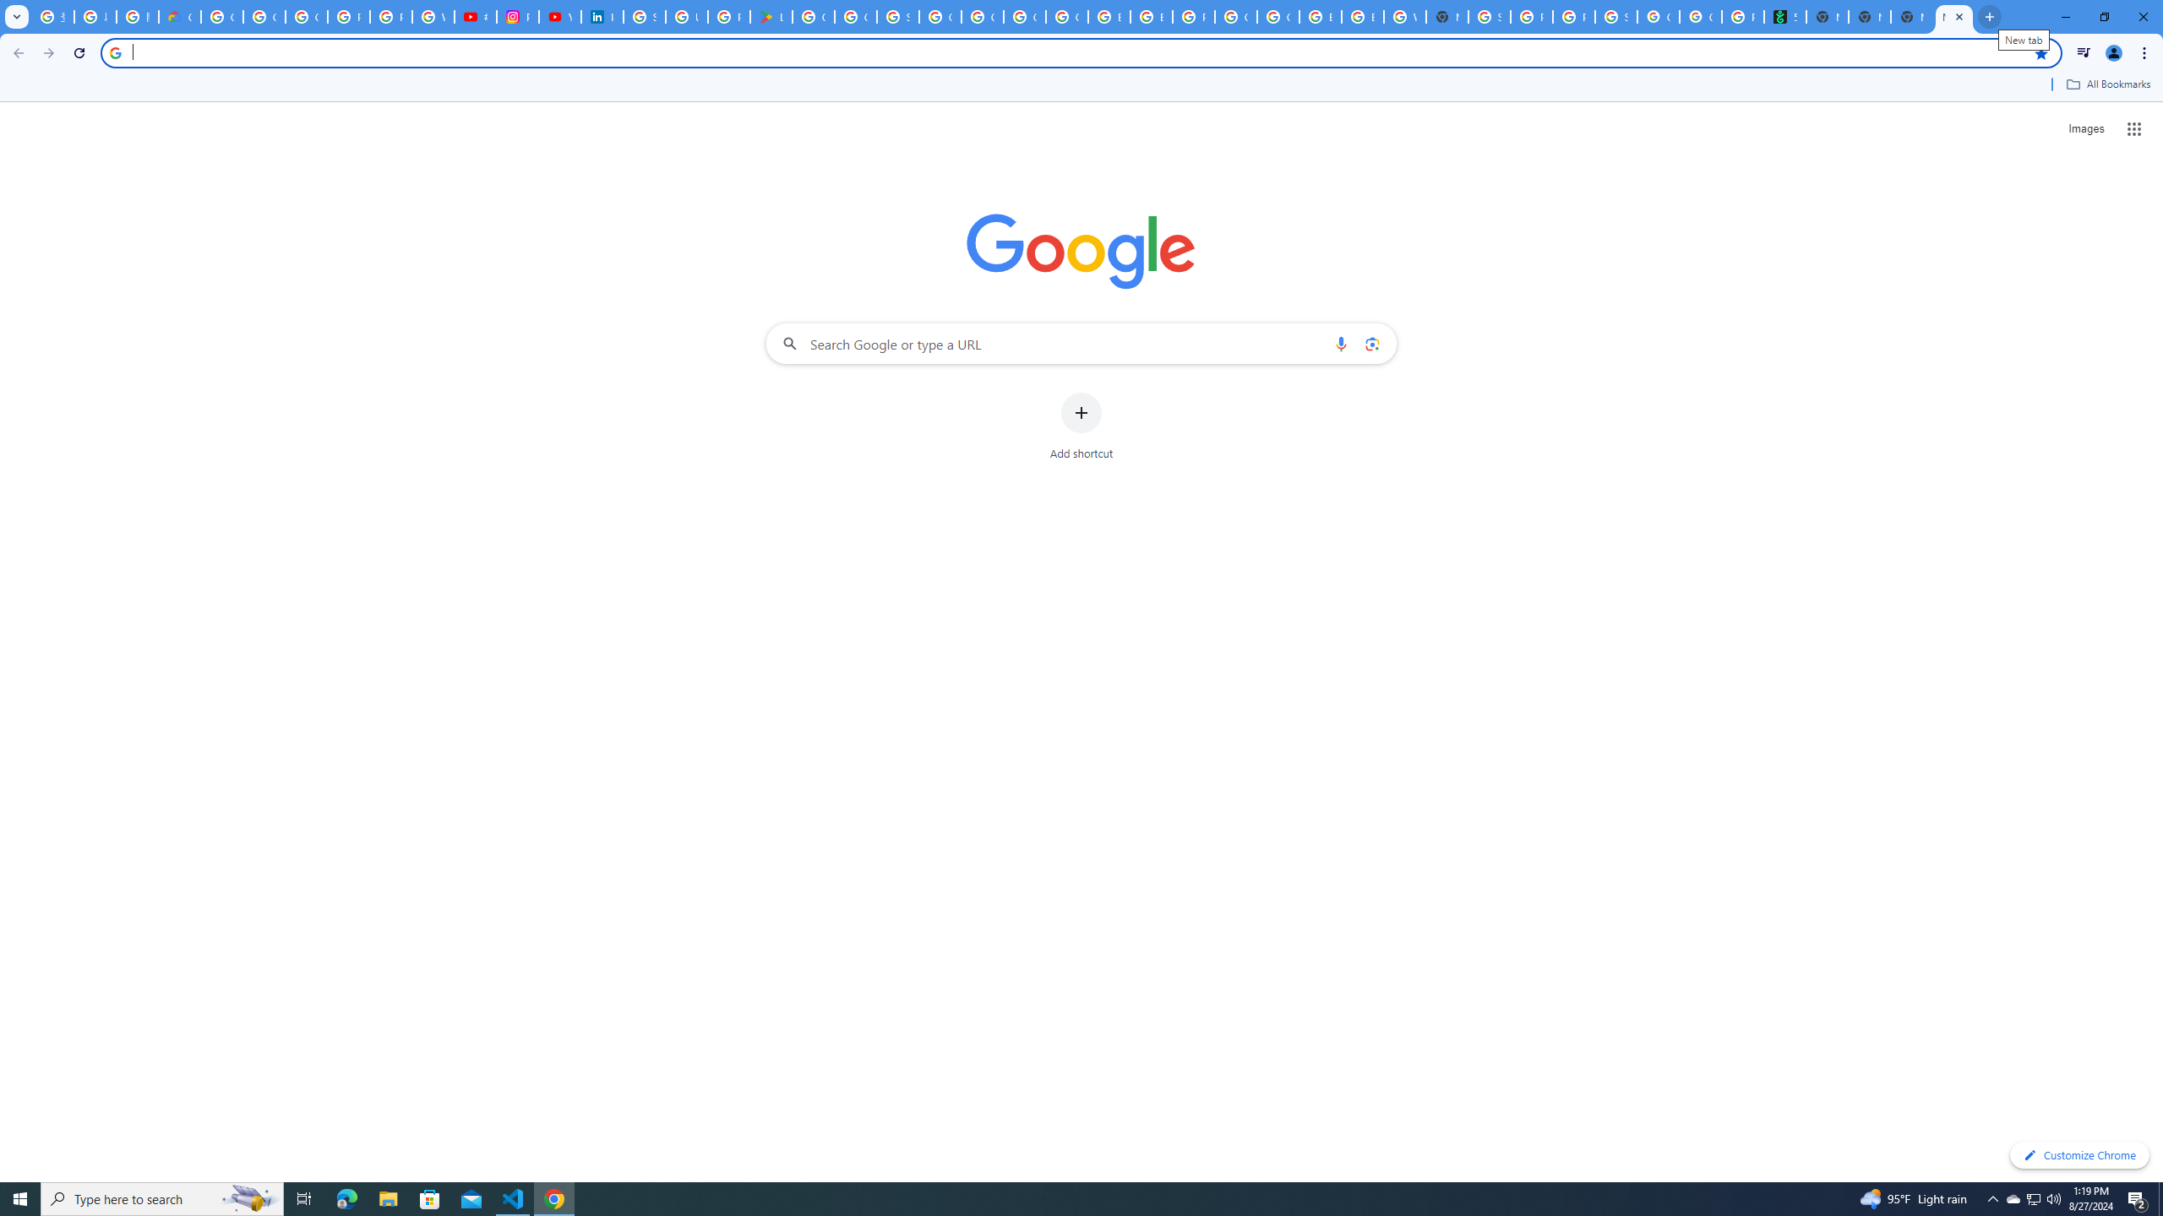 The height and width of the screenshot is (1216, 2163). What do you see at coordinates (1236, 16) in the screenshot?
I see `'Google Cloud Platform'` at bounding box center [1236, 16].